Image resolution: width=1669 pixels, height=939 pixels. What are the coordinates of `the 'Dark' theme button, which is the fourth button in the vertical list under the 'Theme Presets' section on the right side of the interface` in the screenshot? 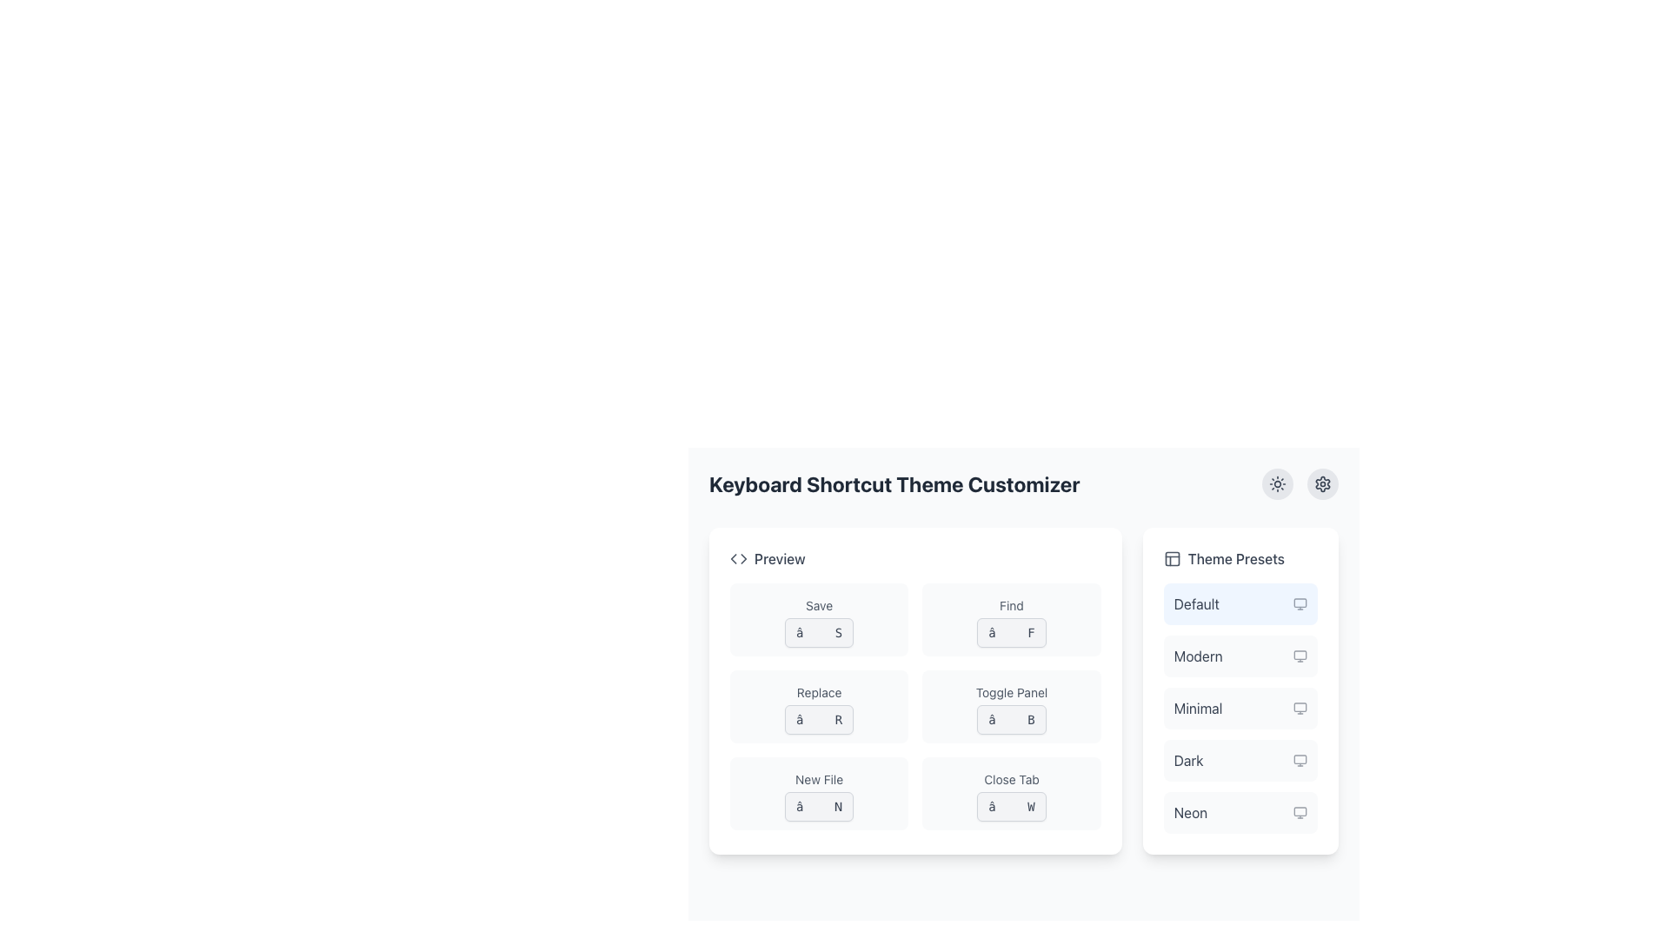 It's located at (1240, 760).